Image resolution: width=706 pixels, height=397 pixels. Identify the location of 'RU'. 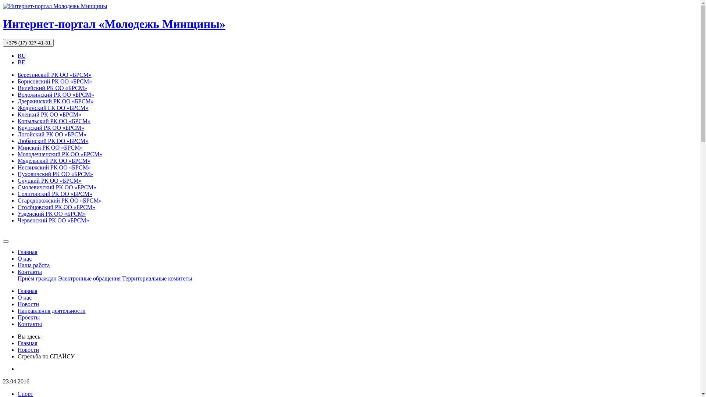
(21, 55).